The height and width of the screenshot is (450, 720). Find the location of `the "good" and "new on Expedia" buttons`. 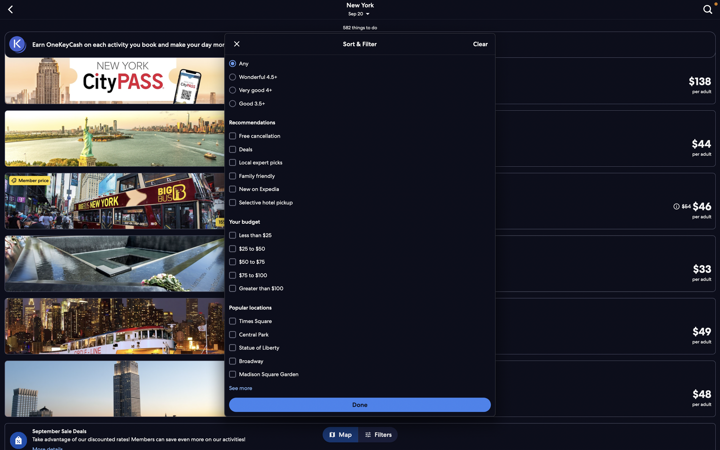

the "good" and "new on Expedia" buttons is located at coordinates (359, 103).